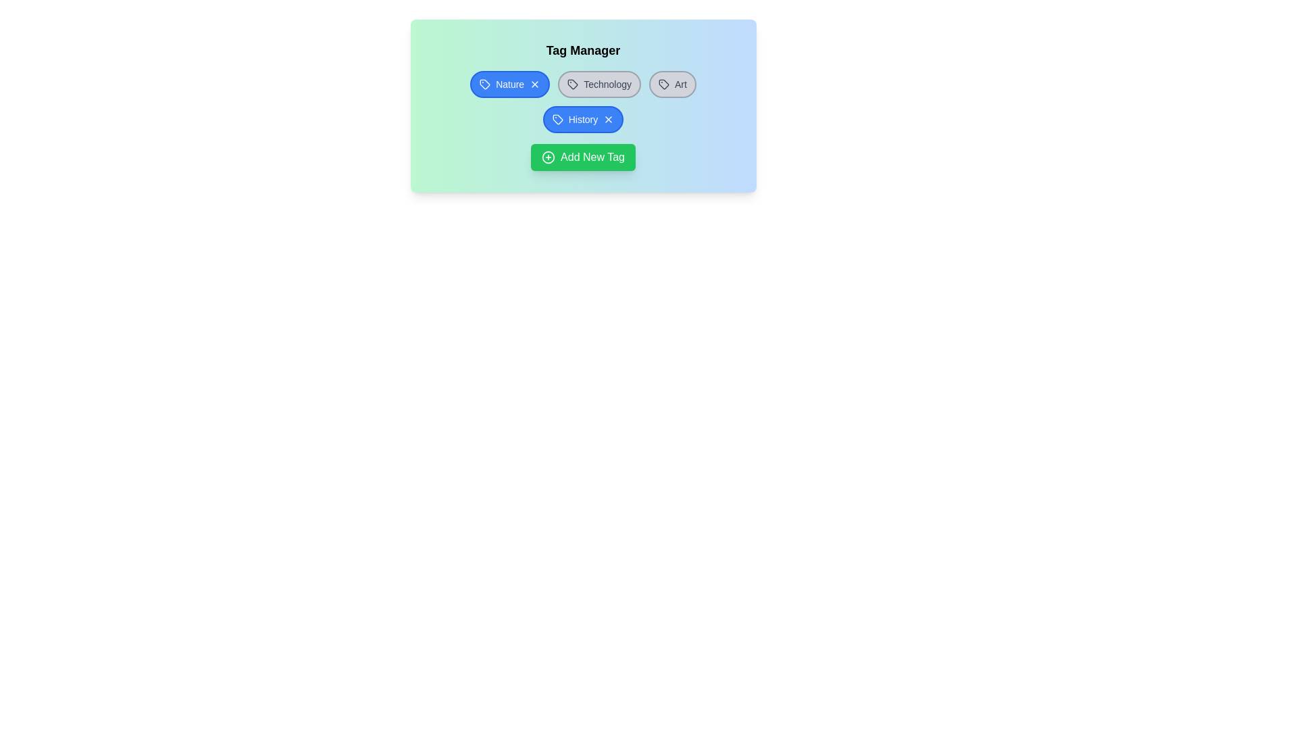  Describe the element at coordinates (583, 156) in the screenshot. I see `the 'Add New Tag' button to initiate the process of adding a new tag` at that location.